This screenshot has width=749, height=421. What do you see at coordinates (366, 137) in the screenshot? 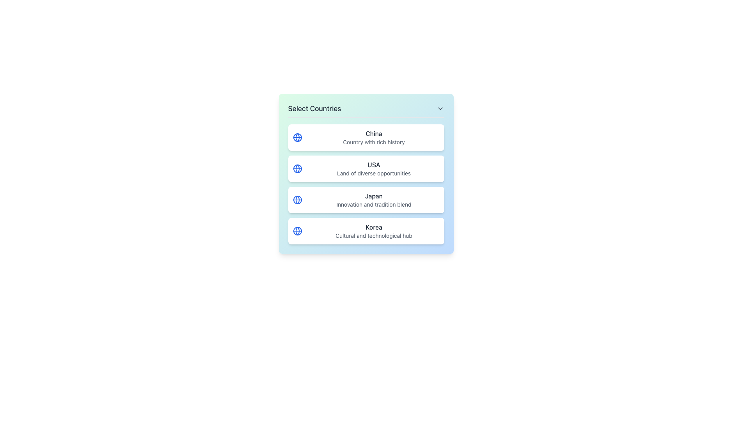
I see `the Clickable Card representing the country 'China' in the 'Select Countries' section` at bounding box center [366, 137].